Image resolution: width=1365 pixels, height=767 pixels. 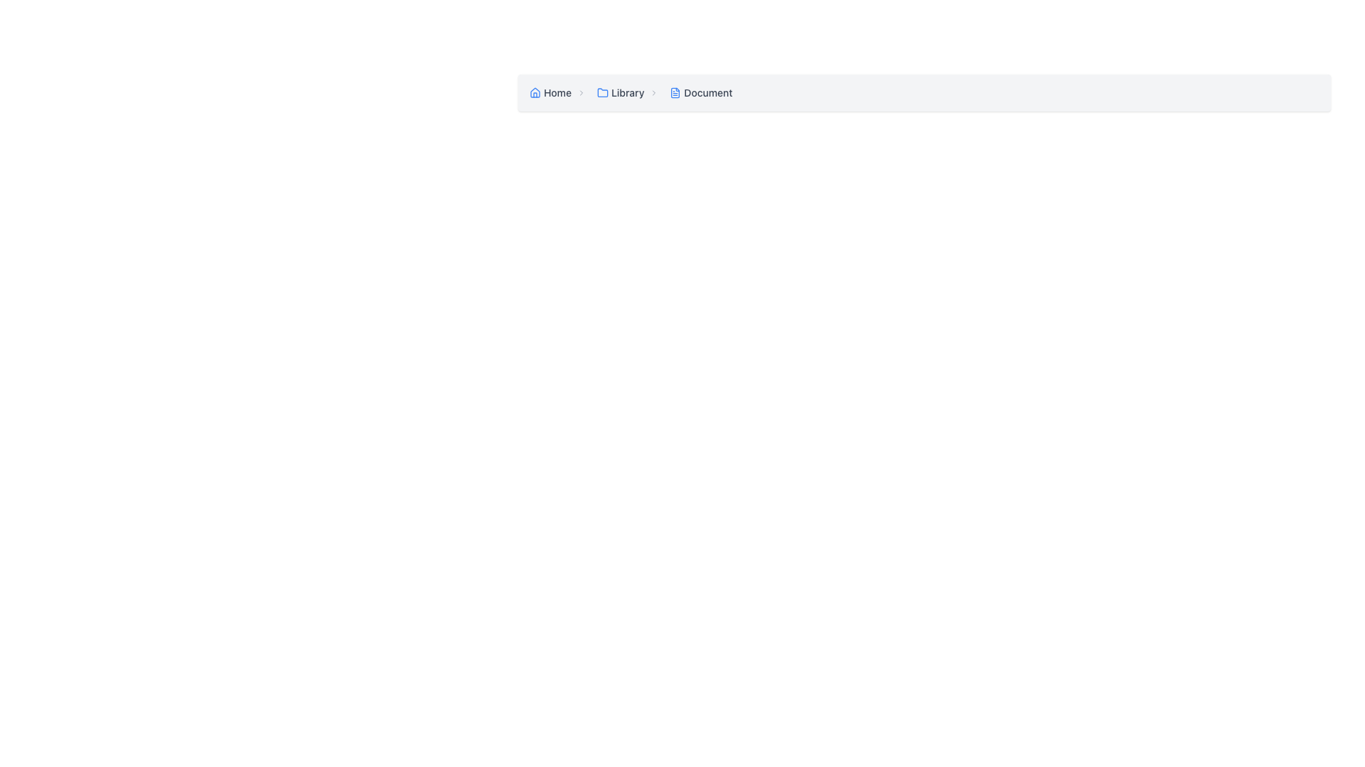 I want to click on the main body of the file icon graphic located within the breadcrumb navigation section to the right of the 'Library' folder icon, so click(x=675, y=93).